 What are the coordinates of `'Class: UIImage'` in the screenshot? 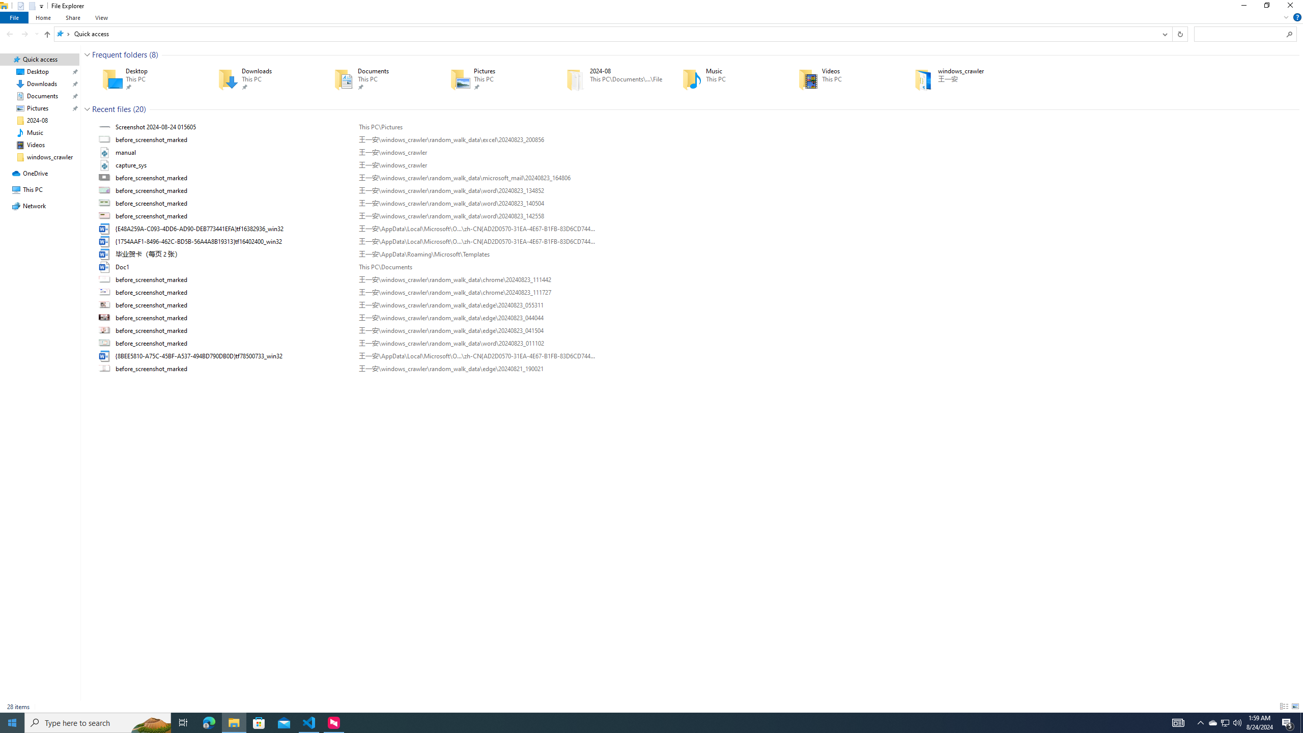 It's located at (105, 368).